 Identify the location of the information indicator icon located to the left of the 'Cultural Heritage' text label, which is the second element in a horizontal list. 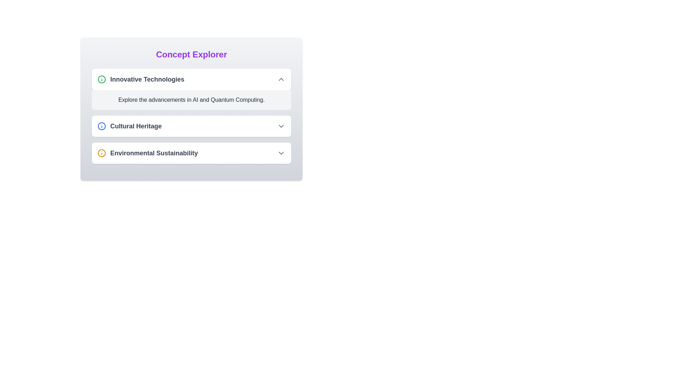
(101, 126).